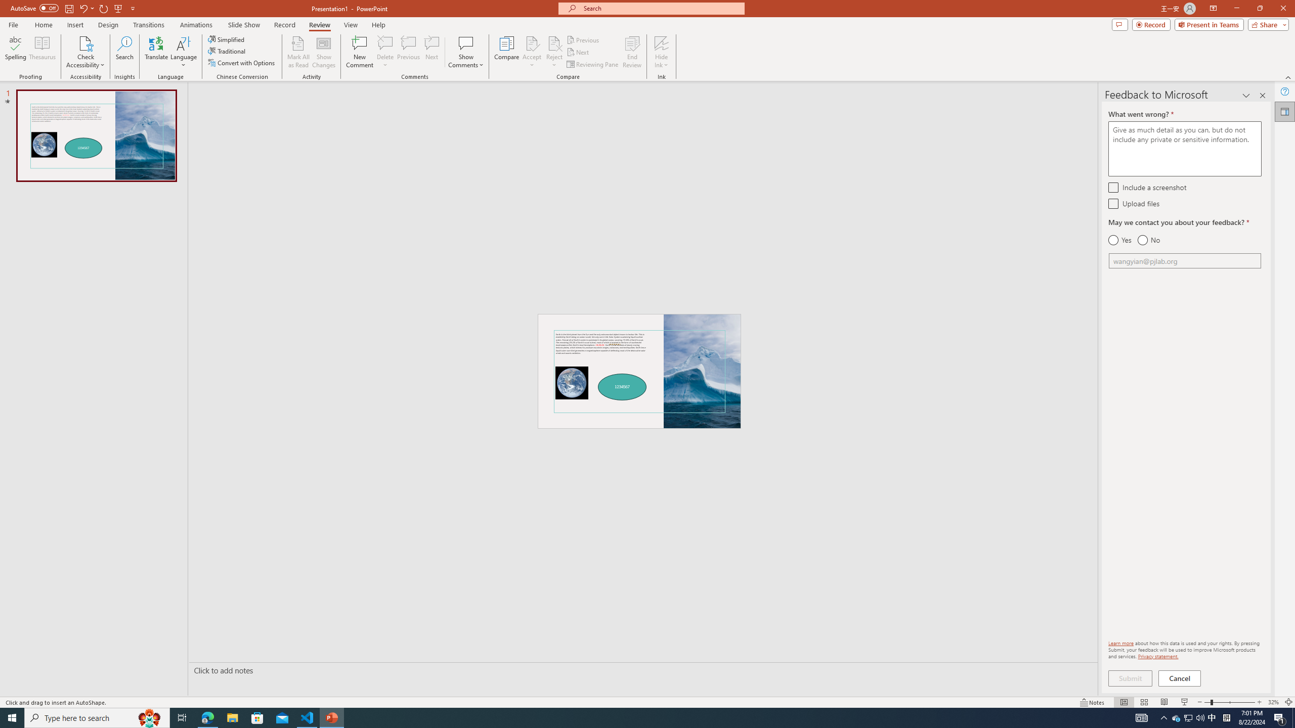 The height and width of the screenshot is (728, 1295). I want to click on 'Yes', so click(1119, 240).